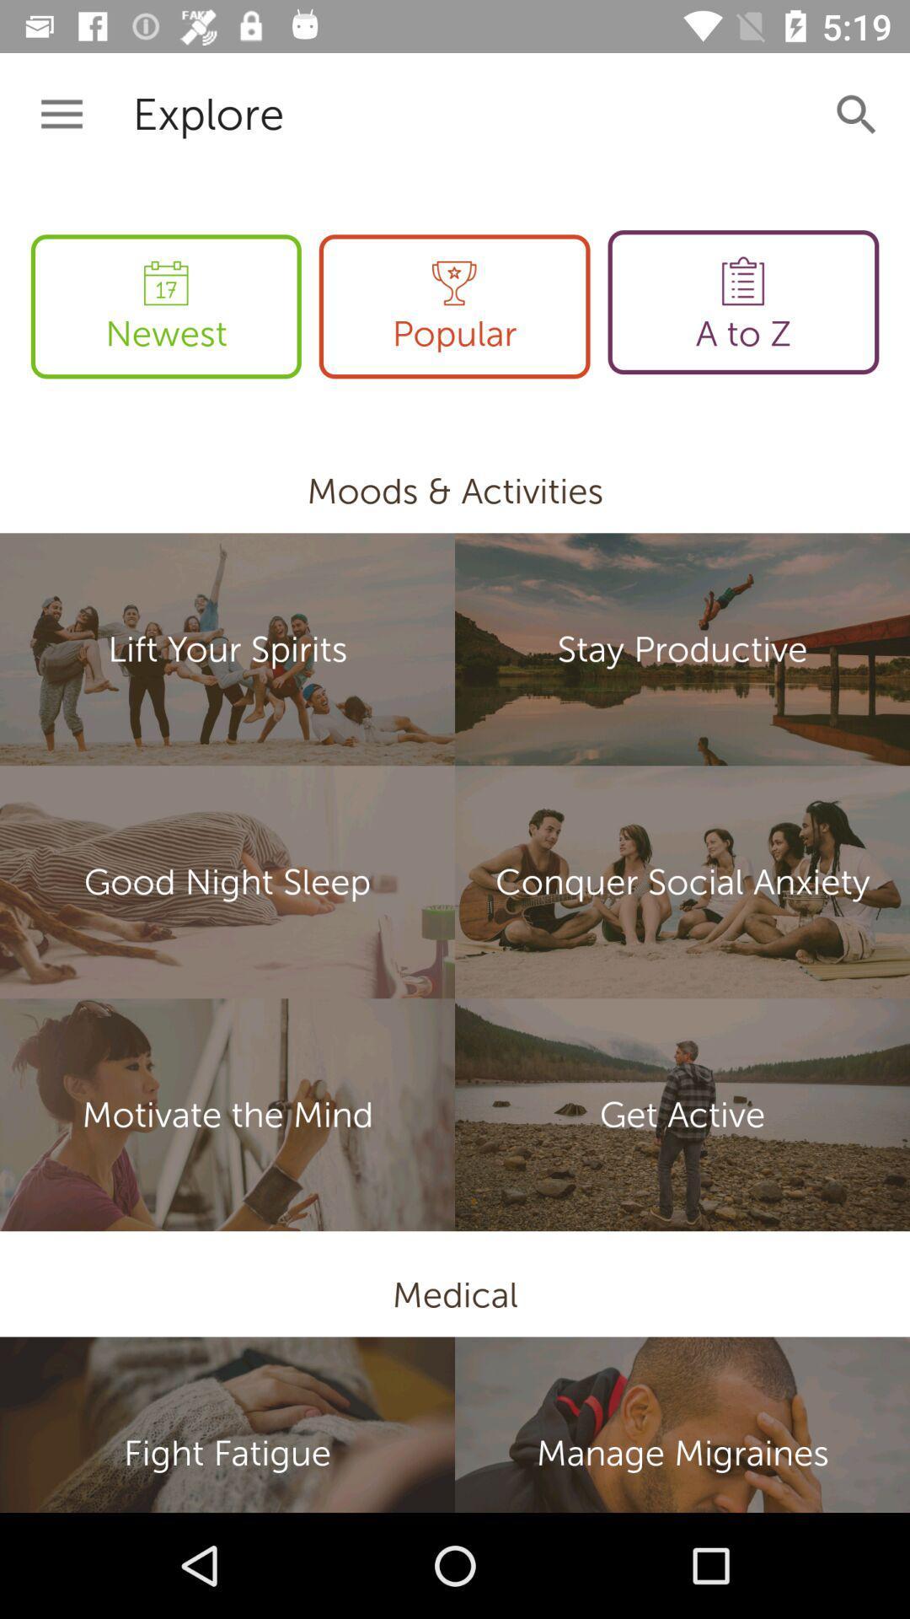 This screenshot has height=1619, width=910. Describe the element at coordinates (742, 302) in the screenshot. I see `the icon to the right of popular item` at that location.